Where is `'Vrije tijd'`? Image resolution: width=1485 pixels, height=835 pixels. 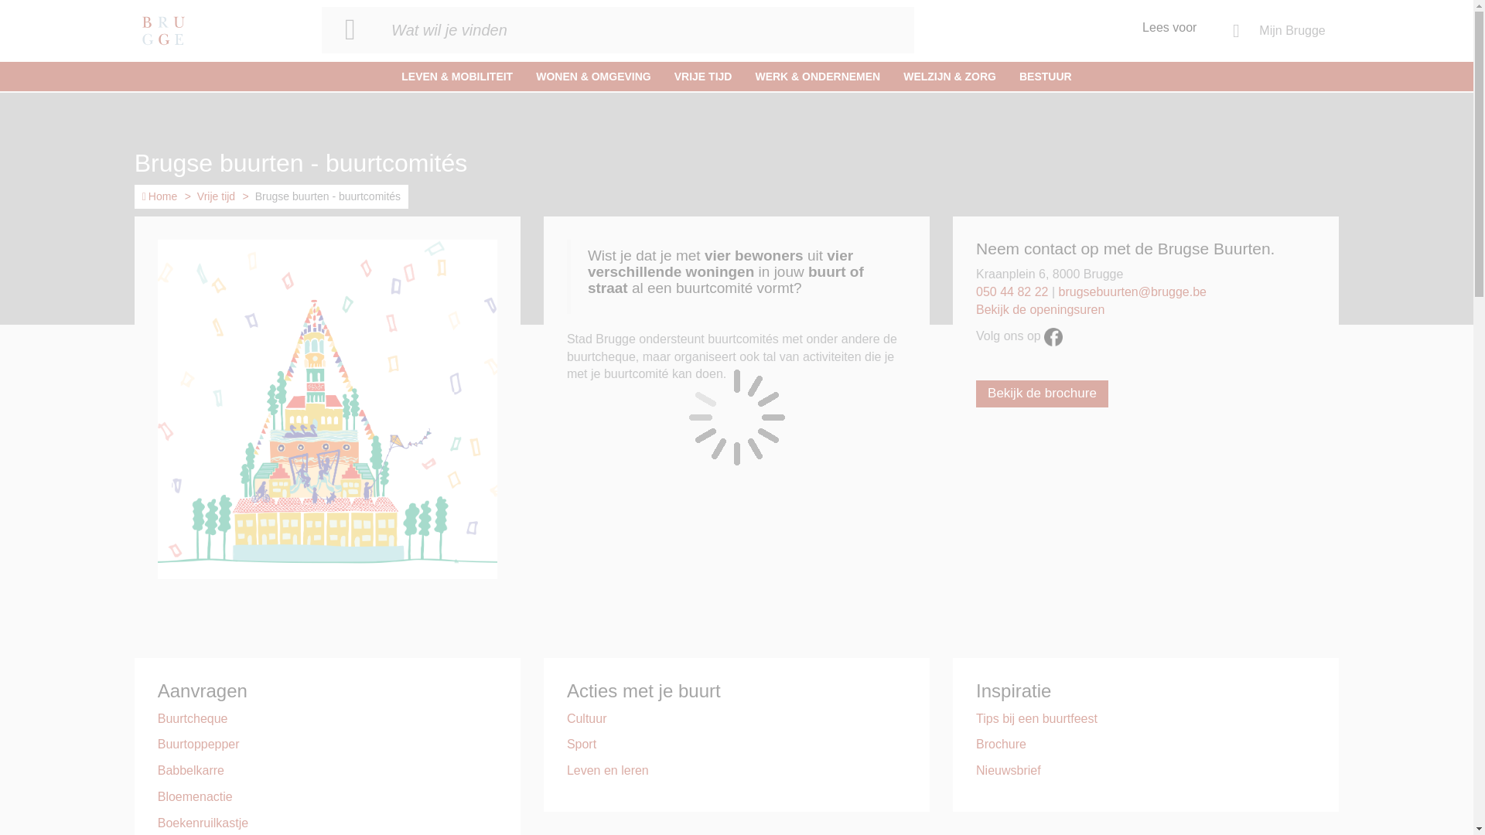 'Vrije tijd' is located at coordinates (215, 196).